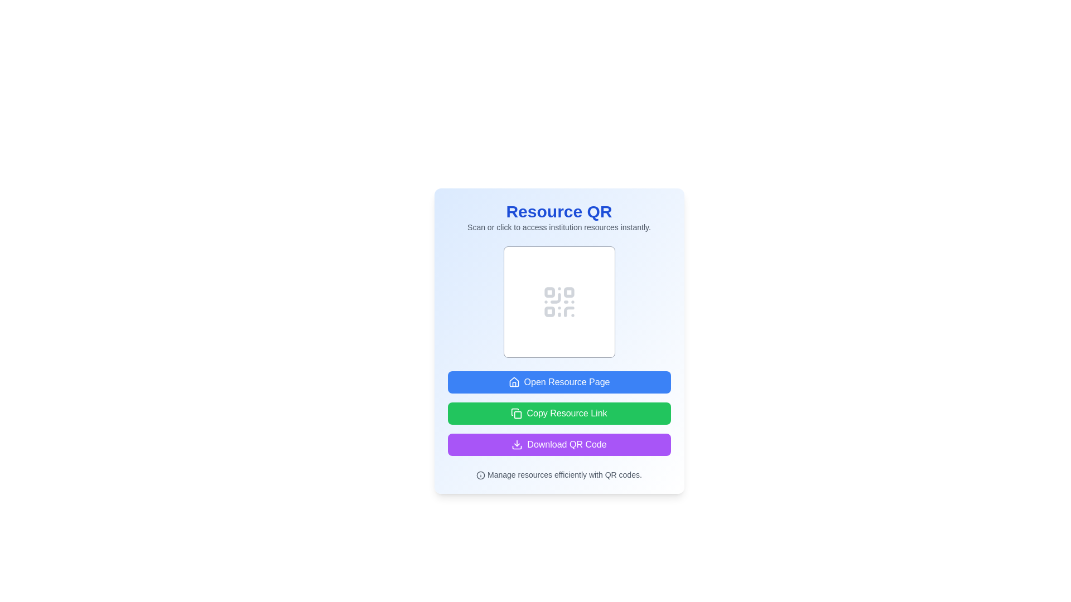  What do you see at coordinates (567, 413) in the screenshot?
I see `the 'Copy Resource Link' button which is a green rectangular button with rounded corners displaying white text and a copy icon on the left` at bounding box center [567, 413].